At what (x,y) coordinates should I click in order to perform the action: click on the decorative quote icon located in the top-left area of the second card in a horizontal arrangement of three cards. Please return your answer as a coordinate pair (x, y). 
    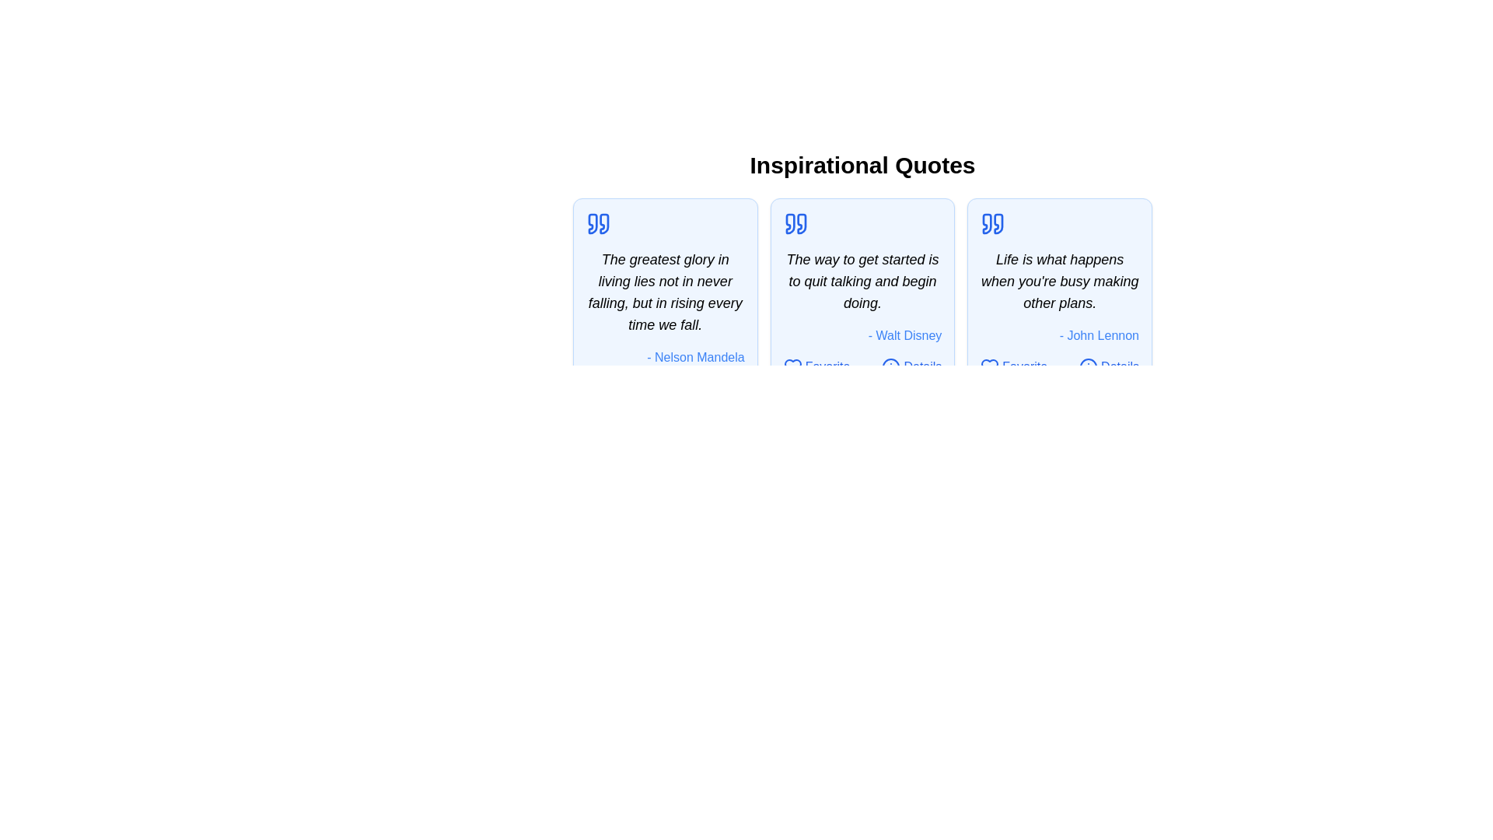
    Looking at the image, I should click on (795, 224).